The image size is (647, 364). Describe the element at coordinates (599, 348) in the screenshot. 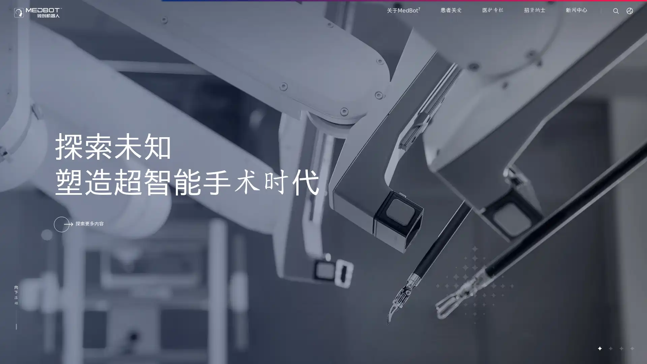

I see `Go to slide 1` at that location.